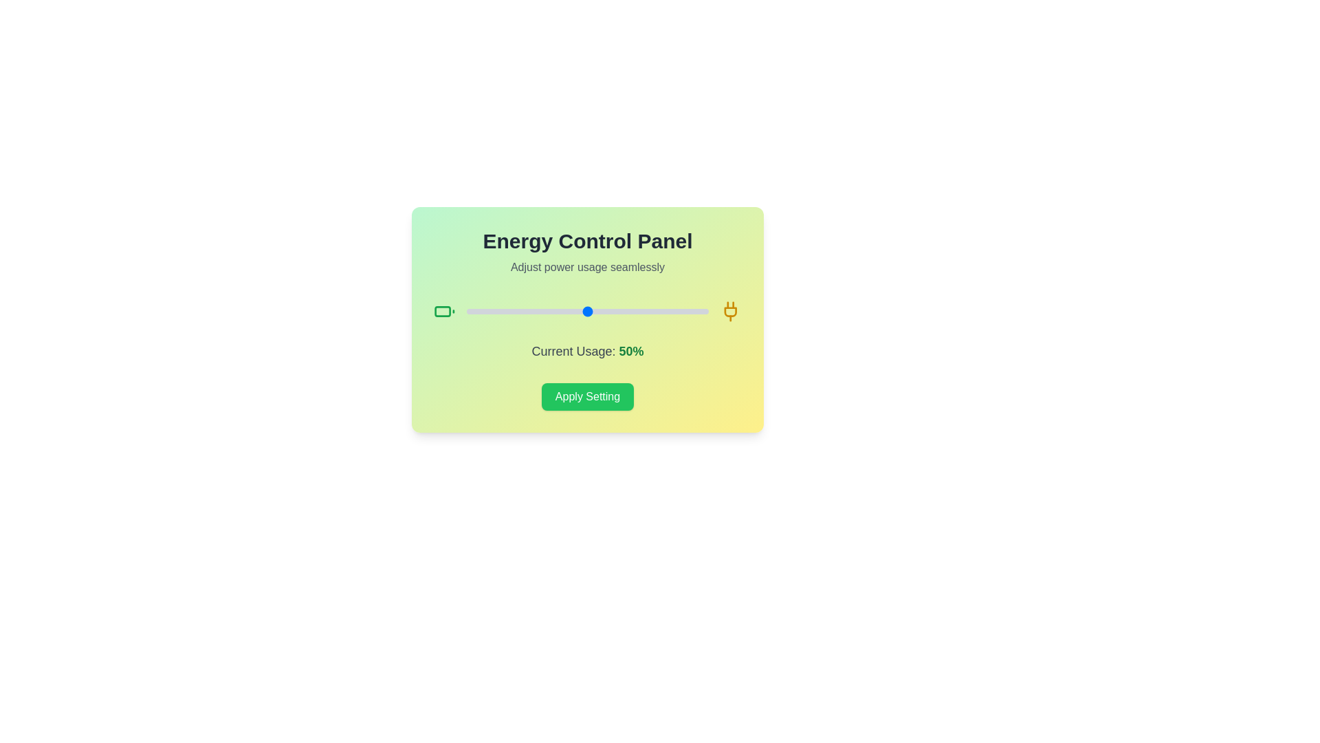  I want to click on the slider, so click(599, 311).